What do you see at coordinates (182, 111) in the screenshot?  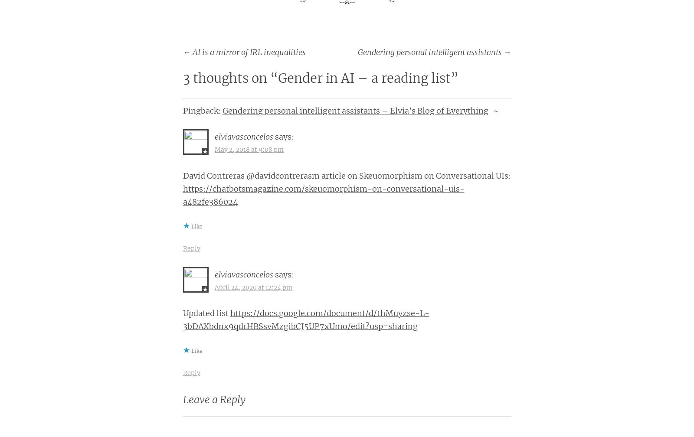 I see `'Pingback:'` at bounding box center [182, 111].